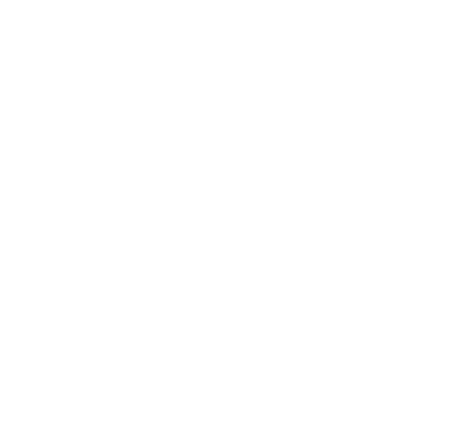 The image size is (450, 439). What do you see at coordinates (183, 165) in the screenshot?
I see `'Help'` at bounding box center [183, 165].